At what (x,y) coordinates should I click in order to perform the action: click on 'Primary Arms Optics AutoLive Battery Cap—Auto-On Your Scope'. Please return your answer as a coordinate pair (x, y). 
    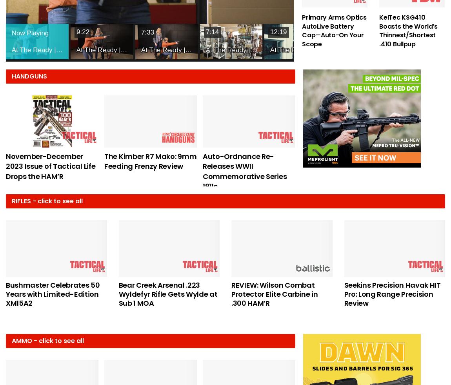
    Looking at the image, I should click on (334, 30).